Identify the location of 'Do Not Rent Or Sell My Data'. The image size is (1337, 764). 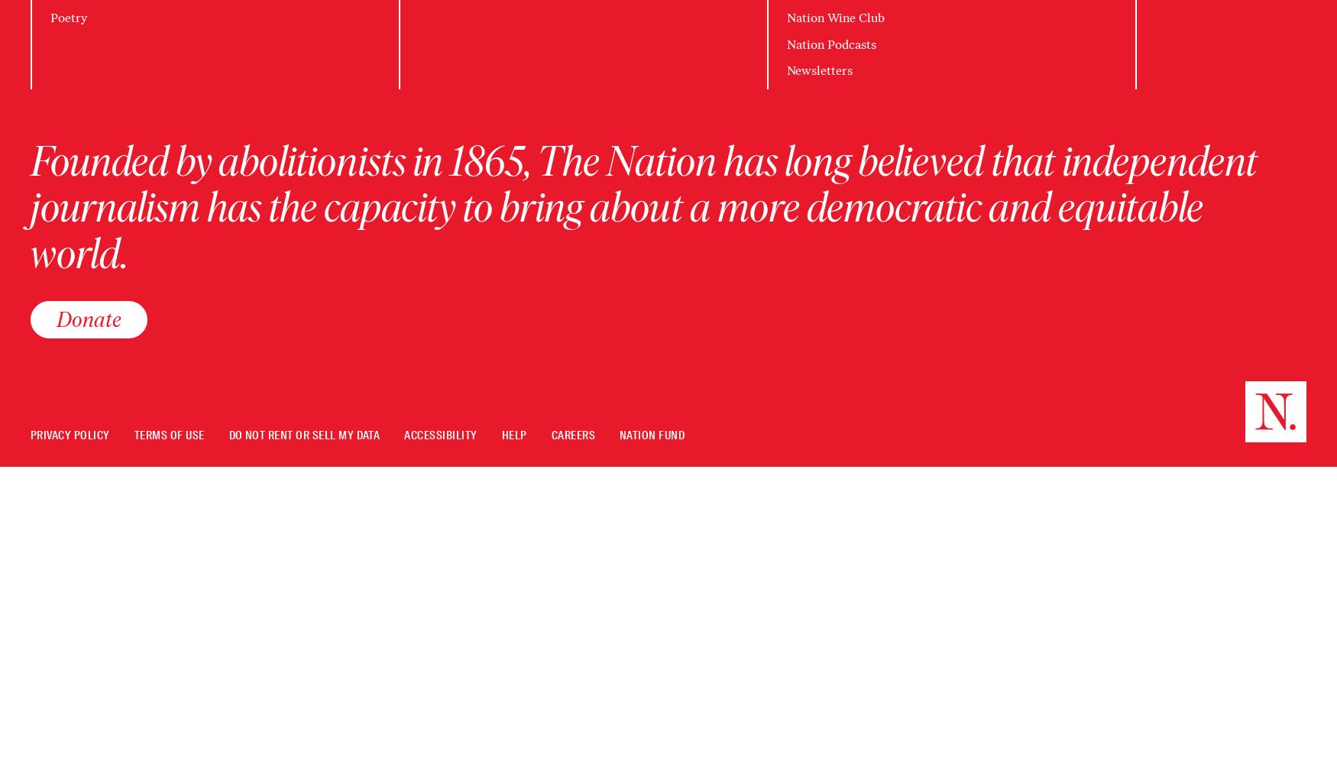
(228, 435).